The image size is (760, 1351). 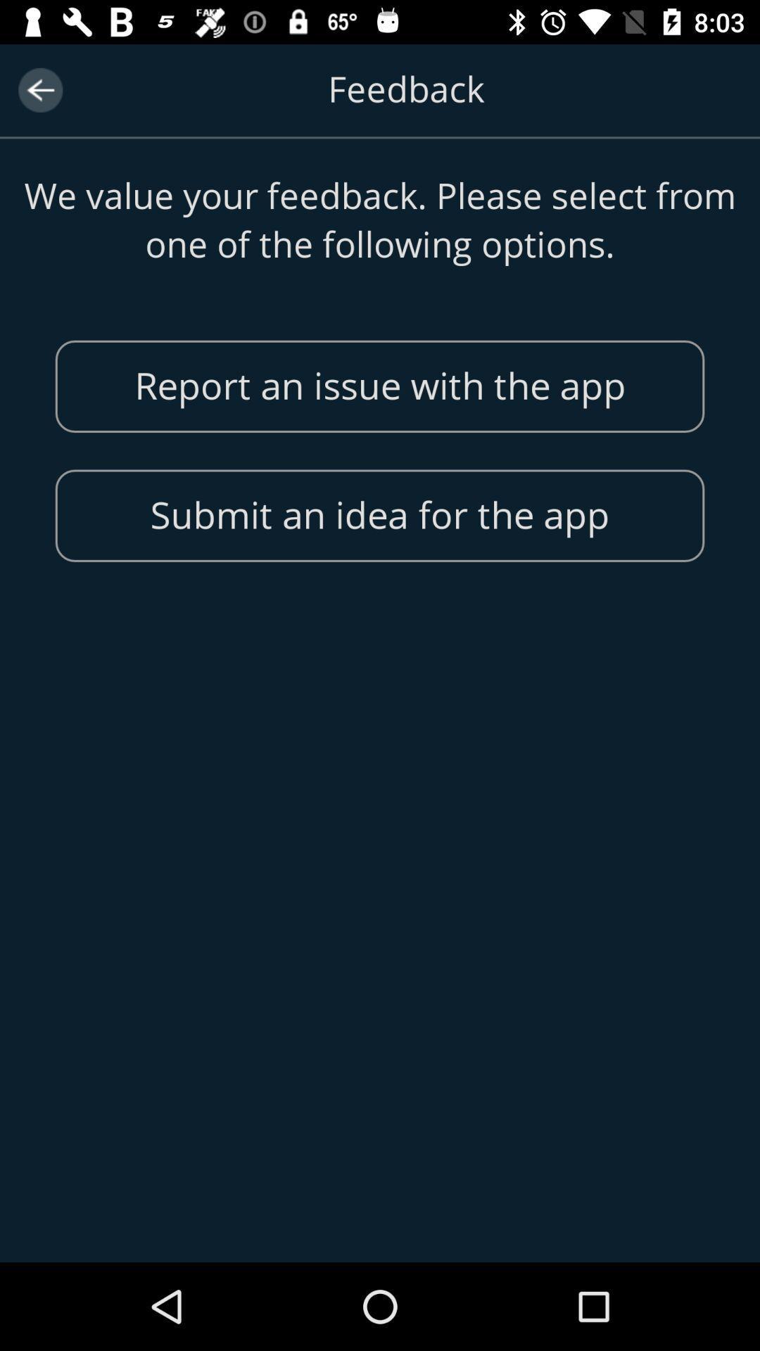 I want to click on the arrow_backward icon, so click(x=39, y=89).